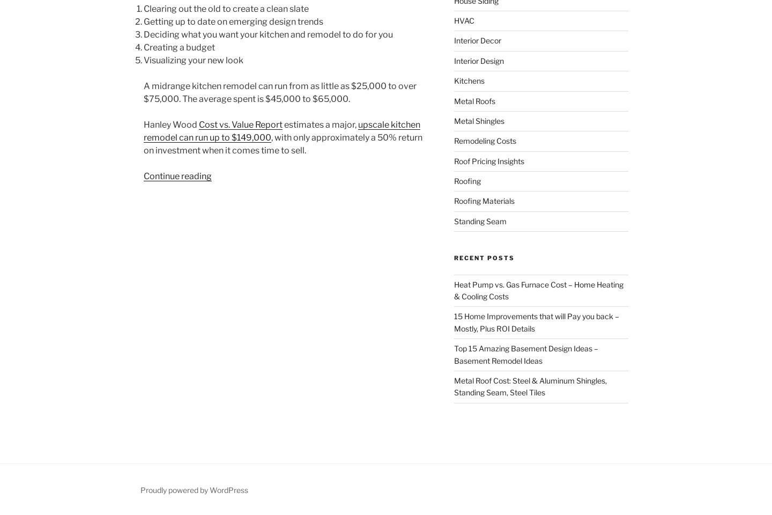 The height and width of the screenshot is (515, 772). Describe the element at coordinates (226, 8) in the screenshot. I see `'Clearing out the old to create a clean slate'` at that location.